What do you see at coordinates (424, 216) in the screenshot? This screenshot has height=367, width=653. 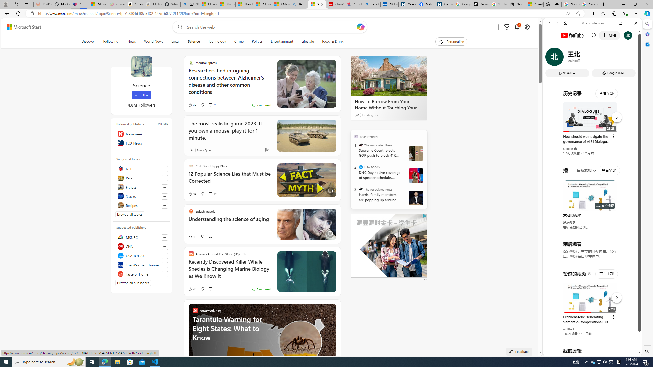 I see `'Class: qc-adchoices-link top-right '` at bounding box center [424, 216].